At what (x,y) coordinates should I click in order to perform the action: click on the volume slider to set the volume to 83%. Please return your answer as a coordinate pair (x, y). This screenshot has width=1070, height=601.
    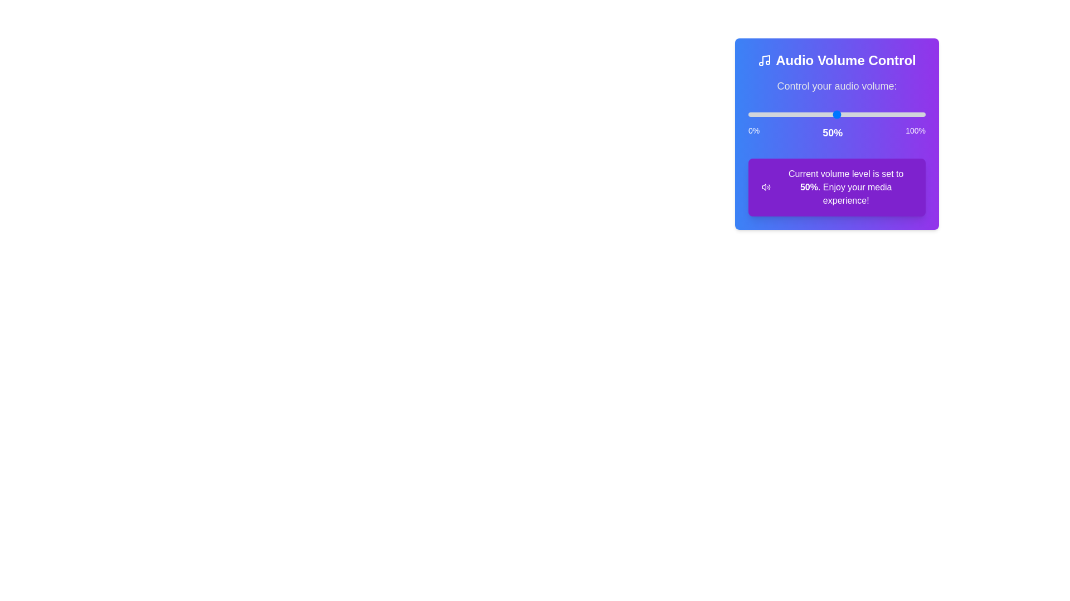
    Looking at the image, I should click on (895, 114).